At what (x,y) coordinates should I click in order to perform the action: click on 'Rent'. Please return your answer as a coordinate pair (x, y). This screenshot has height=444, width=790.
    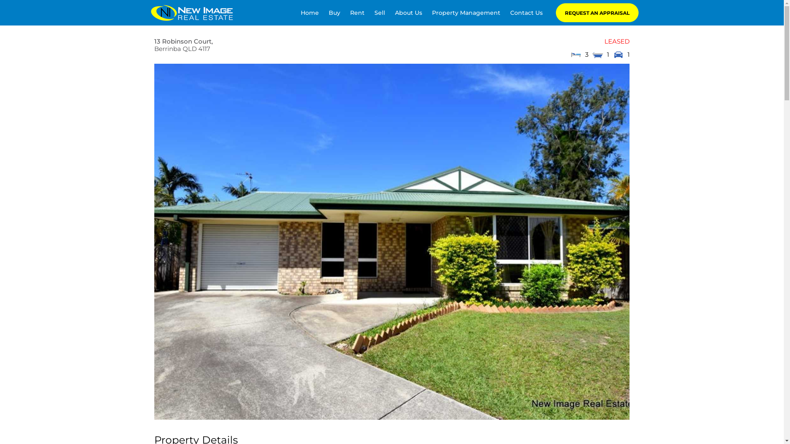
    Looking at the image, I should click on (357, 12).